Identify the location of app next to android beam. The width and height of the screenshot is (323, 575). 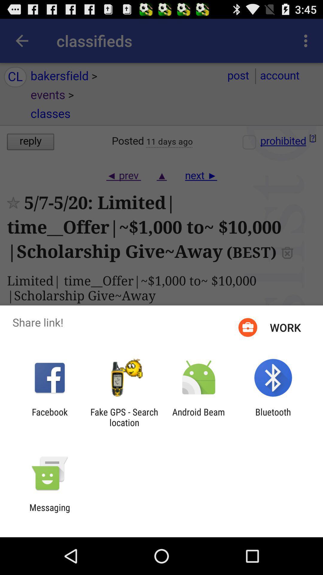
(124, 417).